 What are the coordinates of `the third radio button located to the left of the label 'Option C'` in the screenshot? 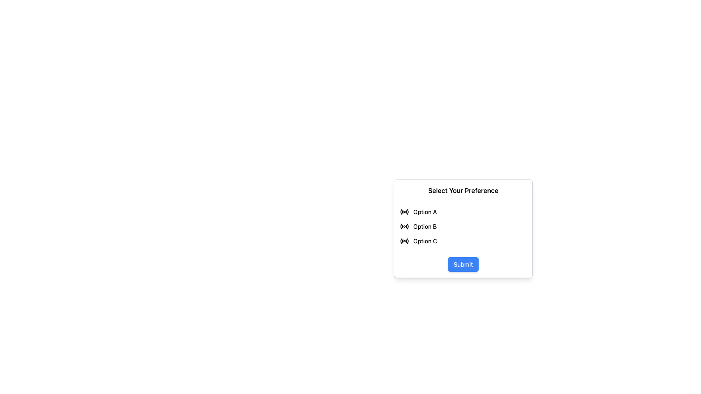 It's located at (404, 241).